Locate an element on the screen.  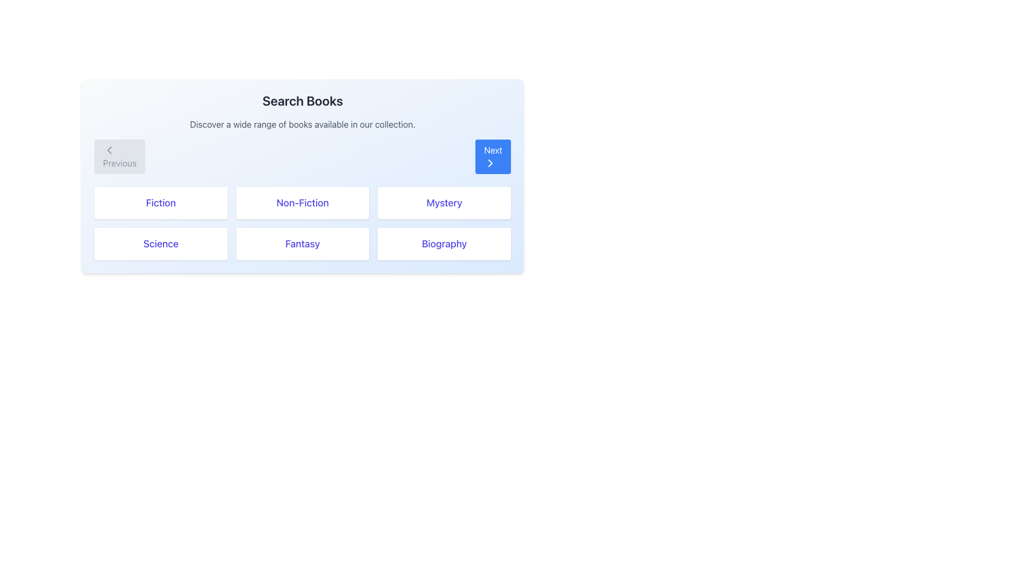
the 'Non-Fiction' button is located at coordinates (302, 203).